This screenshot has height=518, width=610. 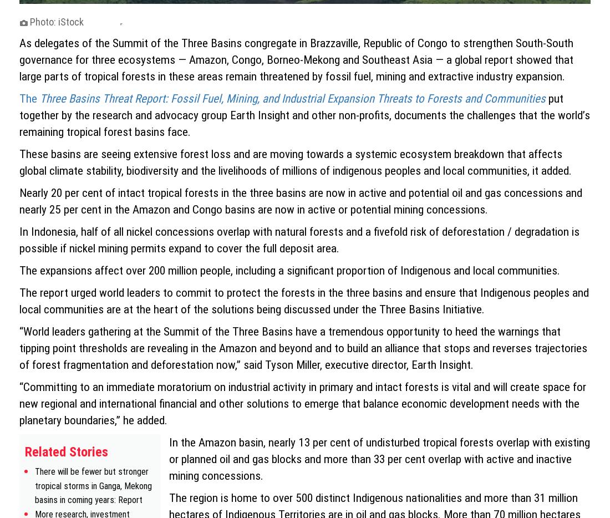 What do you see at coordinates (295, 161) in the screenshot?
I see `'These basins are seeing extensive forest loss and are moving towards a systemic ecosystem breakdown that affects global climate stability, biodiversity and the livelihoods of millions of indigenous peoples and local communities, it added.'` at bounding box center [295, 161].